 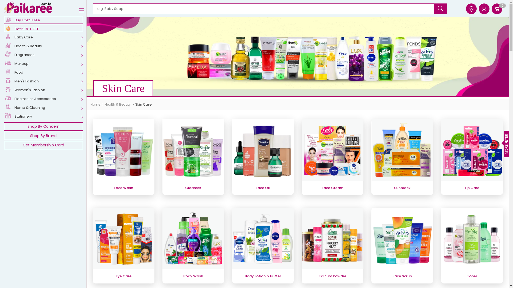 I want to click on 'Shop By Concern', so click(x=44, y=126).